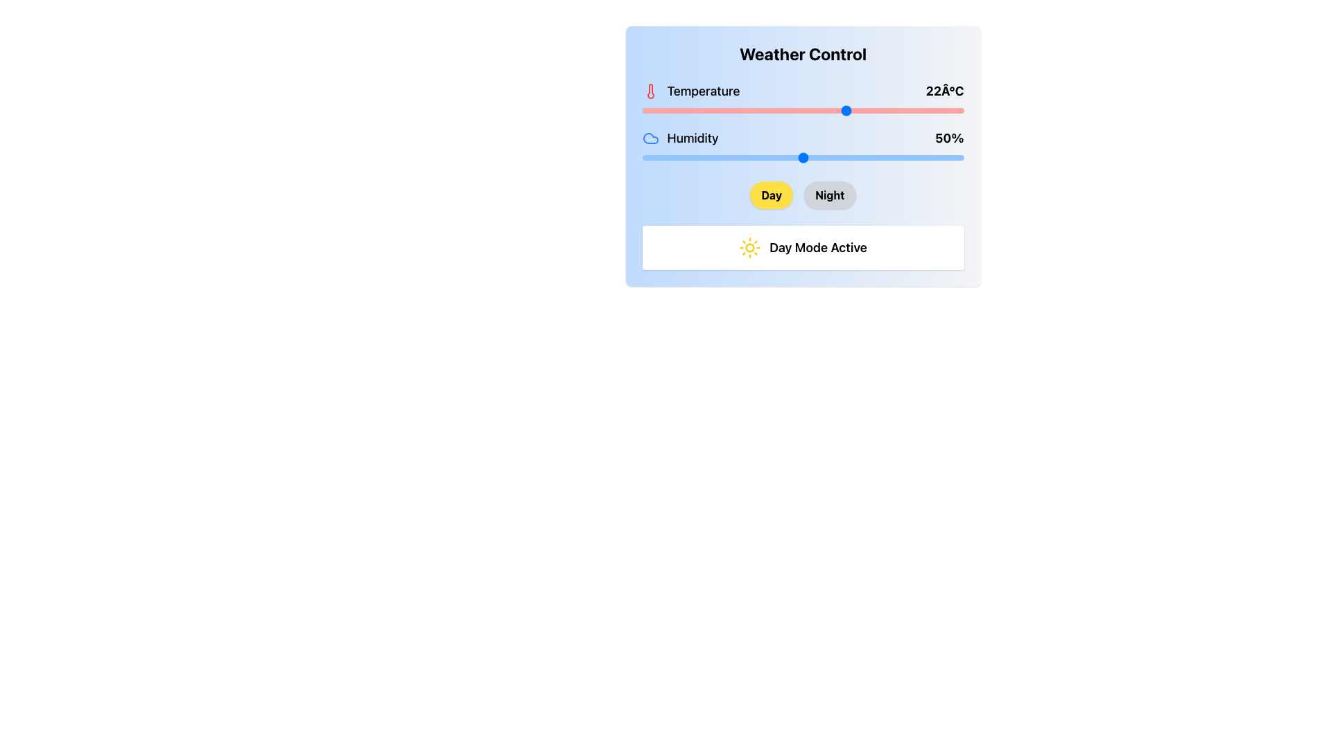 Image resolution: width=1331 pixels, height=748 pixels. I want to click on the temperature, so click(738, 109).